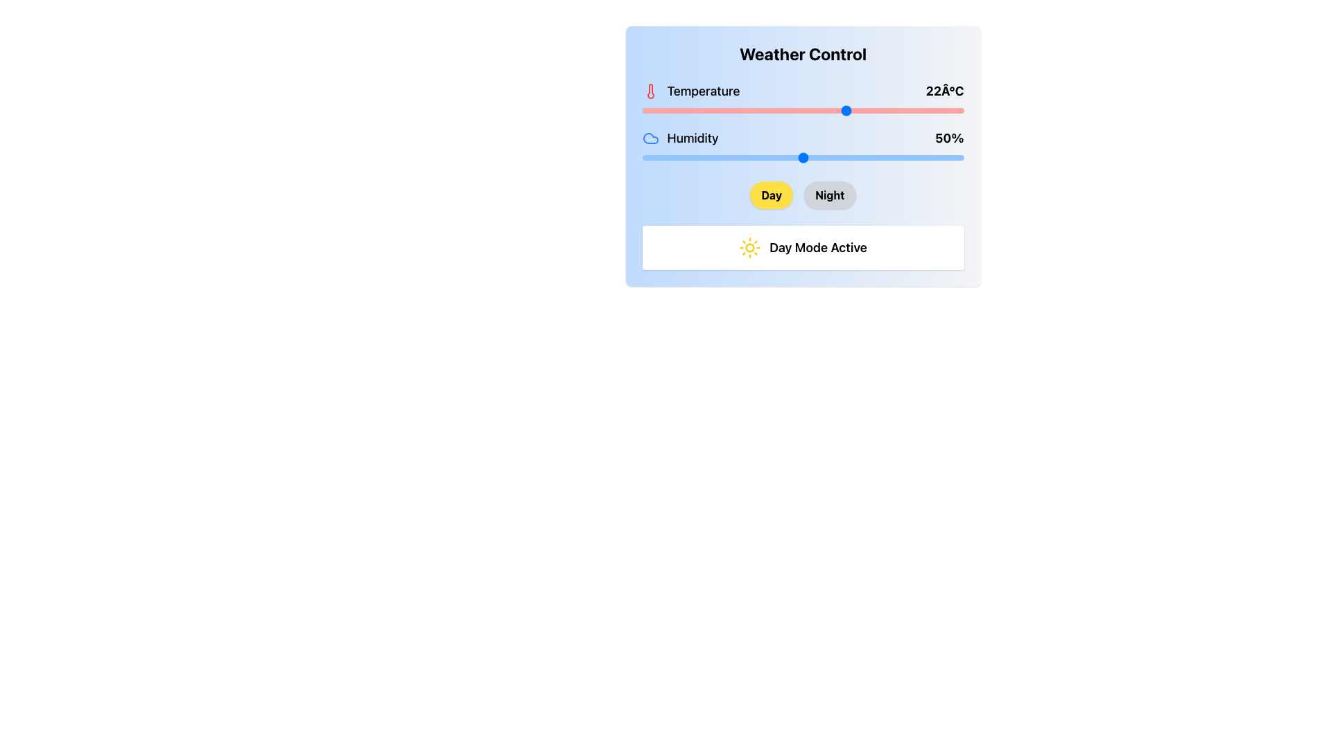 Image resolution: width=1331 pixels, height=748 pixels. I want to click on the temperature, so click(738, 109).